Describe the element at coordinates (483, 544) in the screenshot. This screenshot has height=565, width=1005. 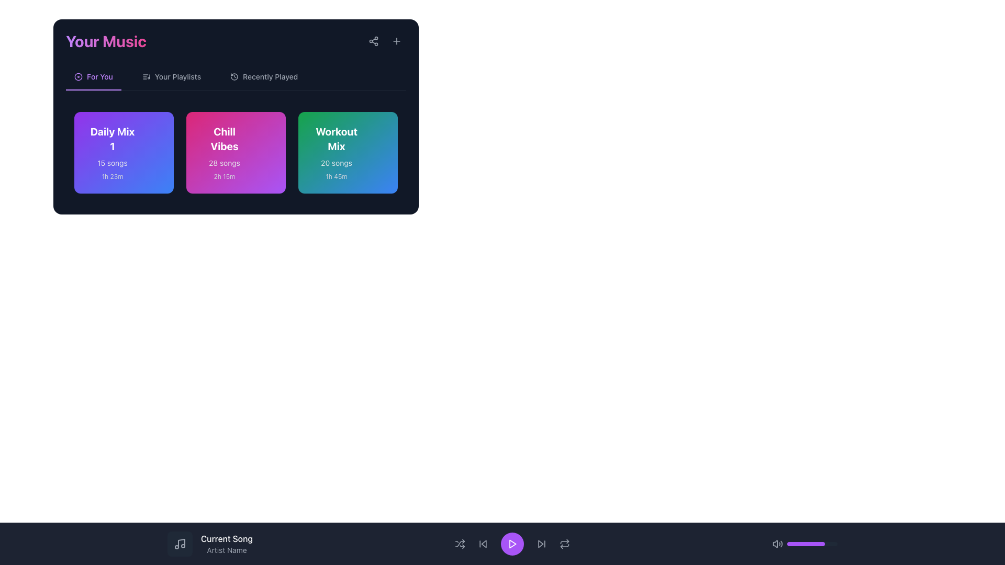
I see `the skip back button, the second icon from the left in the bottom playback controls bar` at that location.